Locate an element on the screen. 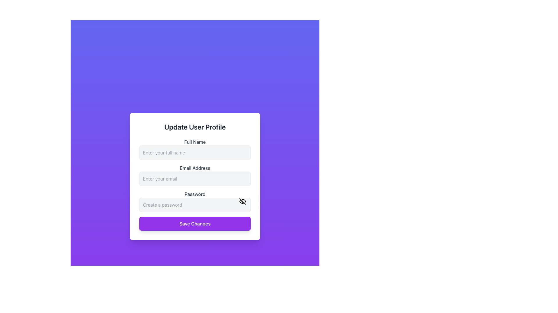  label that states 'Email Address', which is styled in dark gray and positioned above the email input field is located at coordinates (195, 168).